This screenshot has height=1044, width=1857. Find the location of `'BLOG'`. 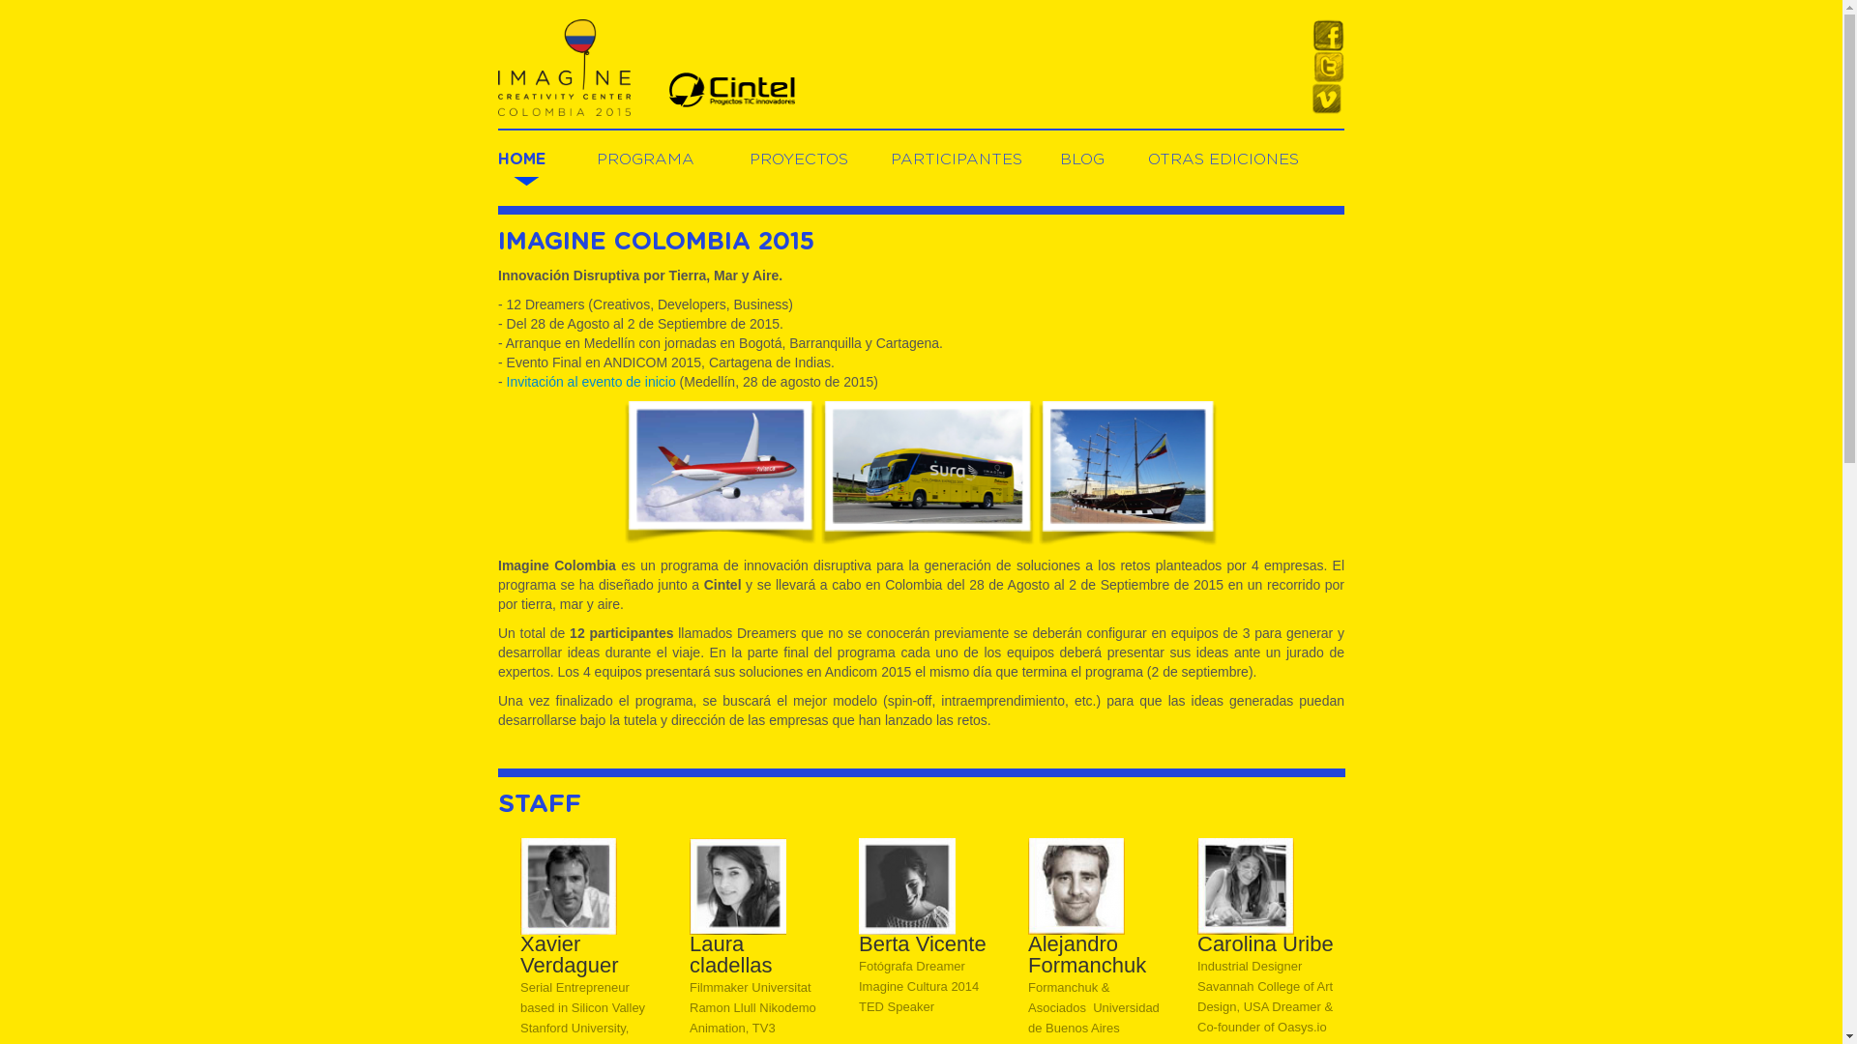

'BLOG' is located at coordinates (1080, 159).